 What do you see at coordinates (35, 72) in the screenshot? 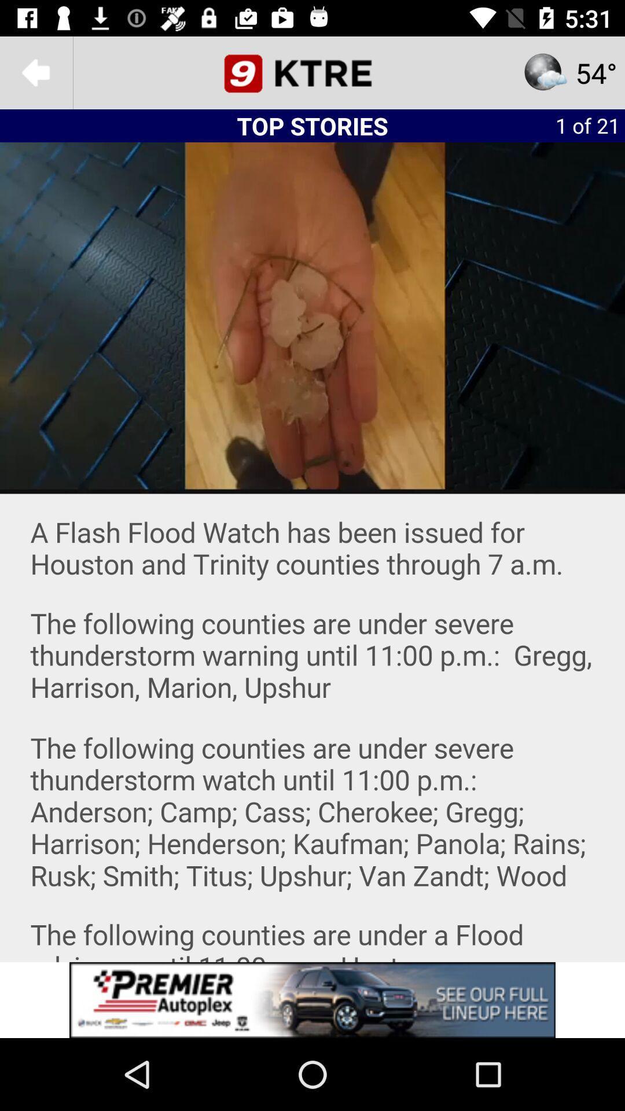
I see `go back` at bounding box center [35, 72].